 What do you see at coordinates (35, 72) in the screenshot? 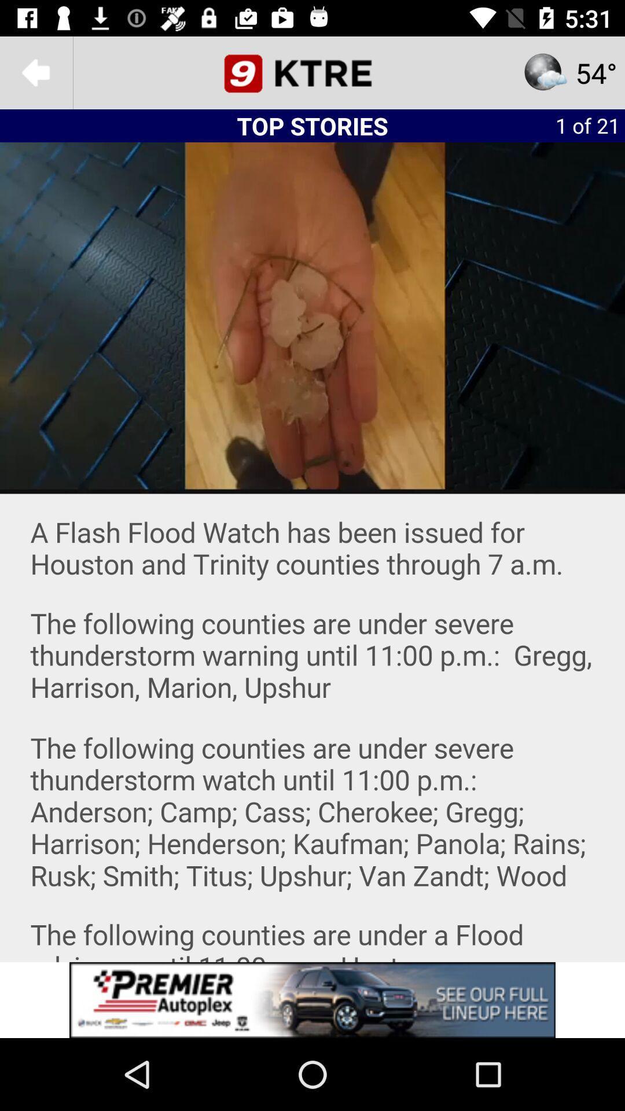
I see `go back` at bounding box center [35, 72].